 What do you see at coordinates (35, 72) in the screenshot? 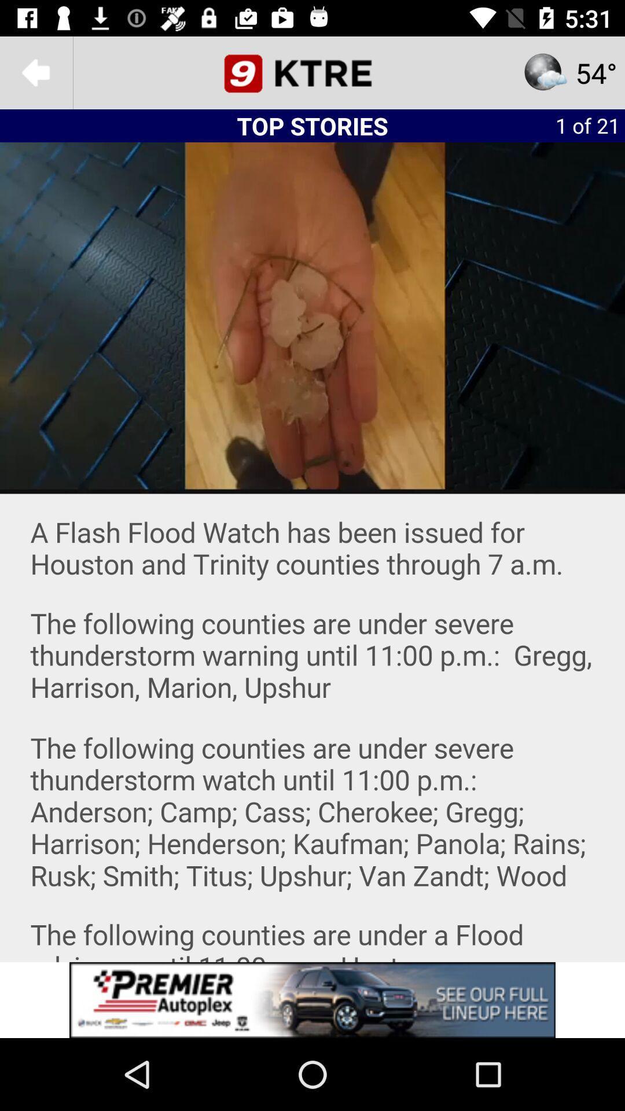
I see `go back` at bounding box center [35, 72].